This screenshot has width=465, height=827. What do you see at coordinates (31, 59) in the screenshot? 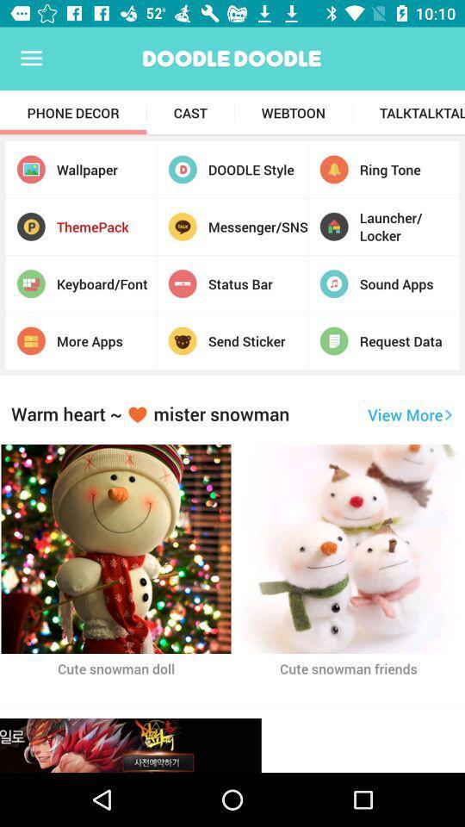
I see `the app above the phone decor item` at bounding box center [31, 59].